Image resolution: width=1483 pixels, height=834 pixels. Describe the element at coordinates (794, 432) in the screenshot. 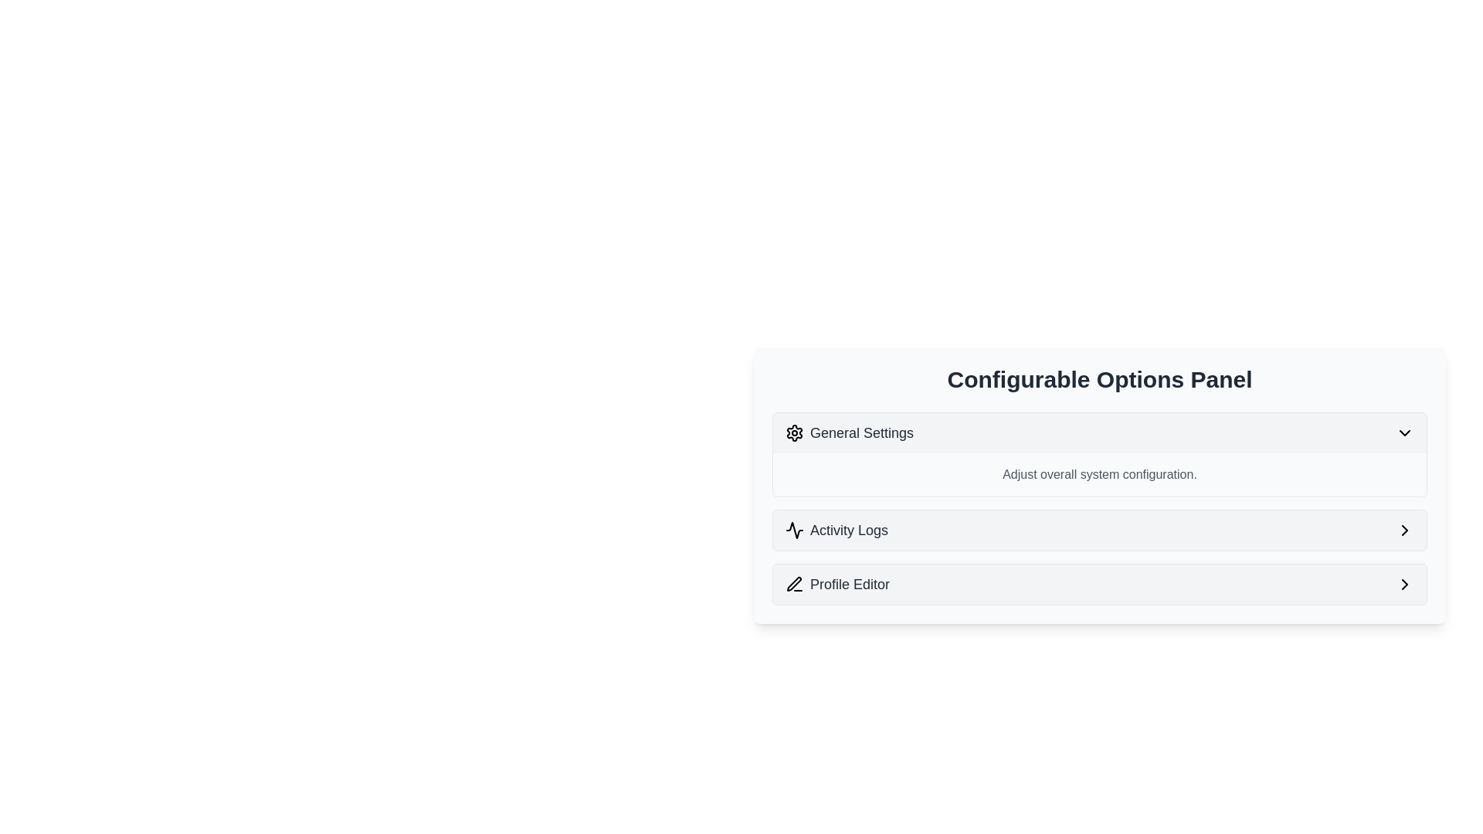

I see `the cogwheel-shaped icon in the Configurable Options Panel next to 'General Settings'` at that location.